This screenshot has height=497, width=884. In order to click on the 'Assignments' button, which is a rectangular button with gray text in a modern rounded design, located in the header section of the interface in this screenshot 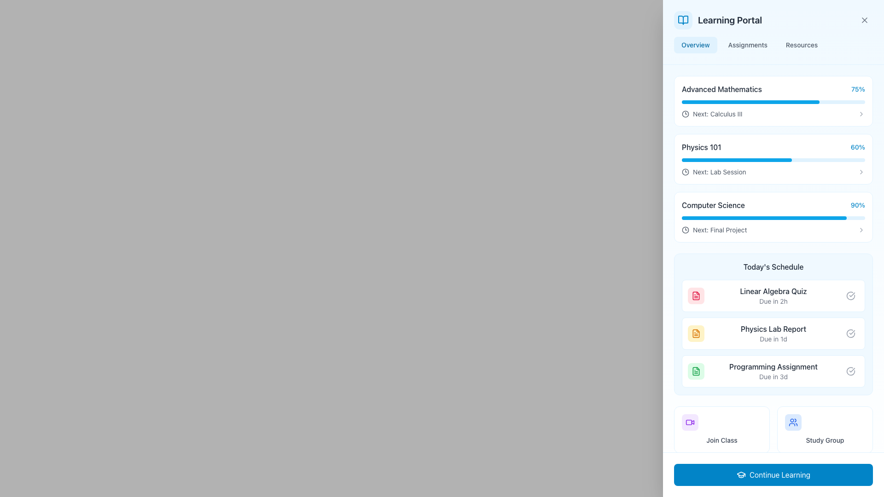, I will do `click(748, 45)`.